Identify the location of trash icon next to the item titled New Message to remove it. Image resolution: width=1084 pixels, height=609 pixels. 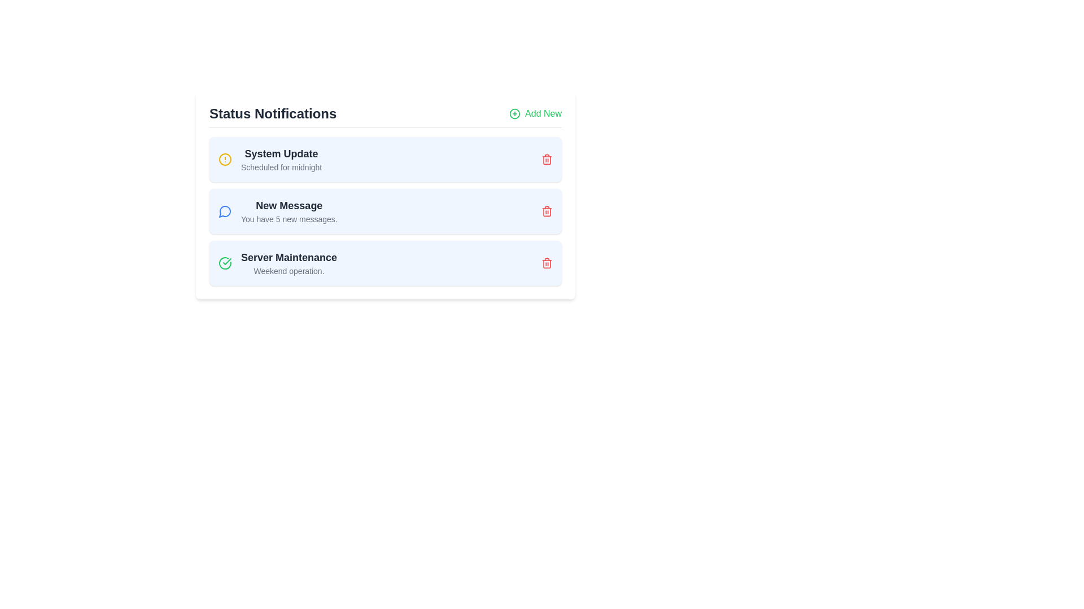
(547, 211).